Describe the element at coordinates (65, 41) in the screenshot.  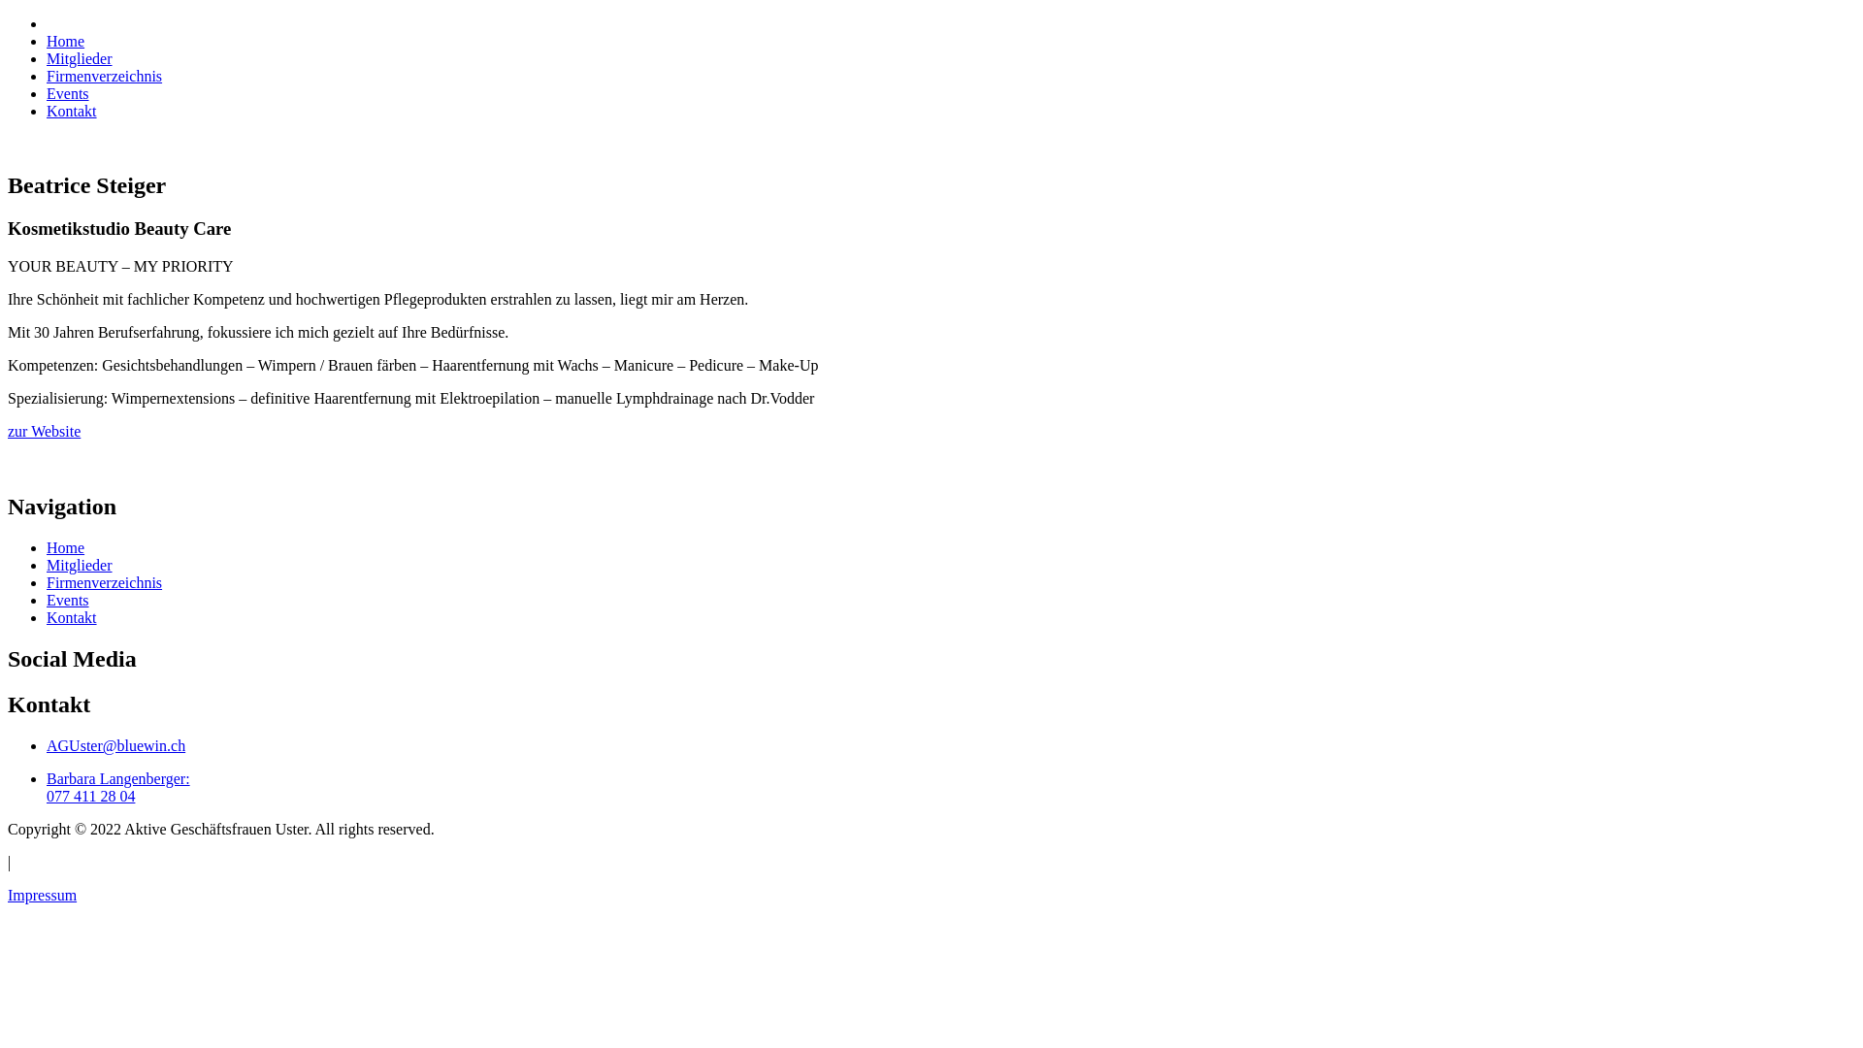
I see `'Home'` at that location.